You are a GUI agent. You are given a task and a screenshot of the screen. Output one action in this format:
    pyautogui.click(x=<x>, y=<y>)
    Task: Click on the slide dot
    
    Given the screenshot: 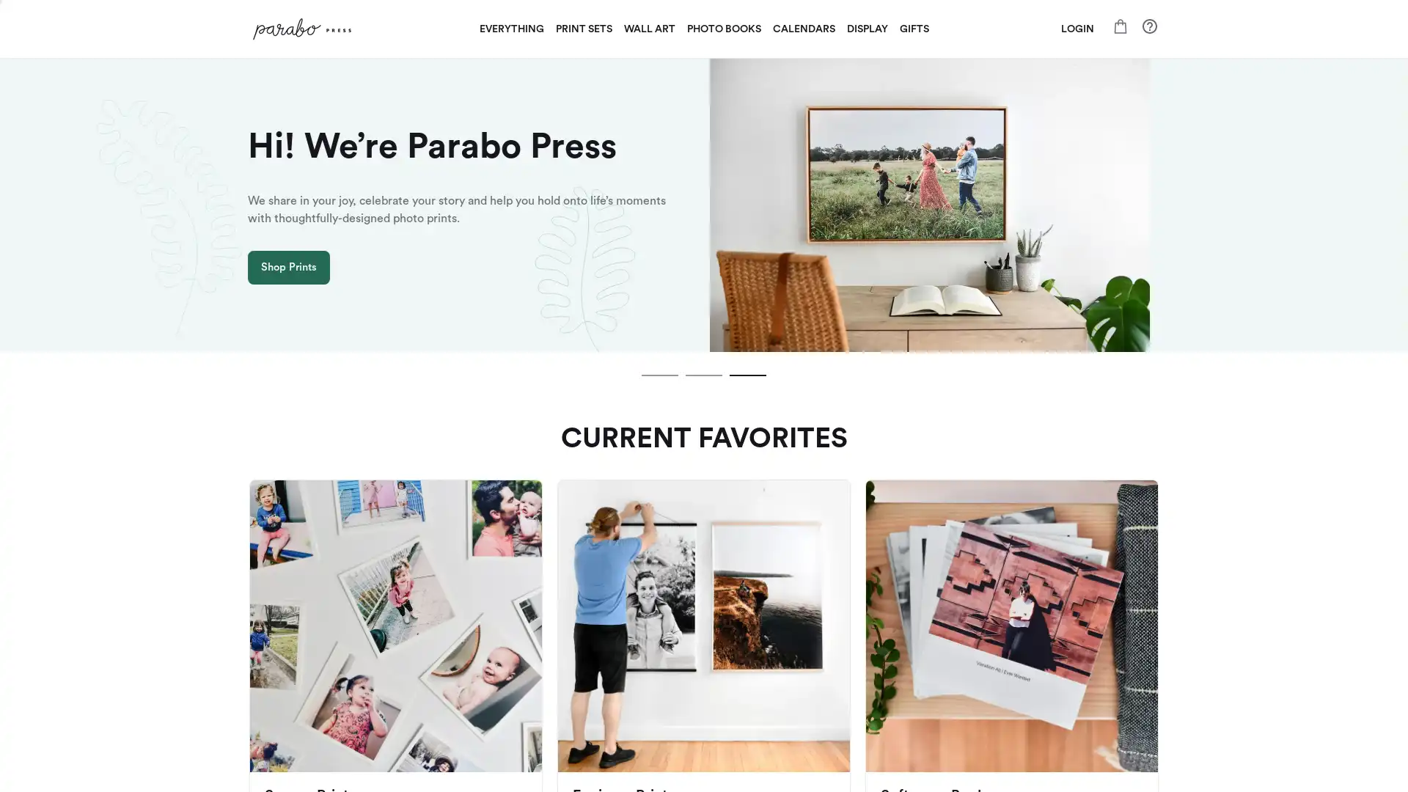 What is the action you would take?
    pyautogui.click(x=704, y=375)
    